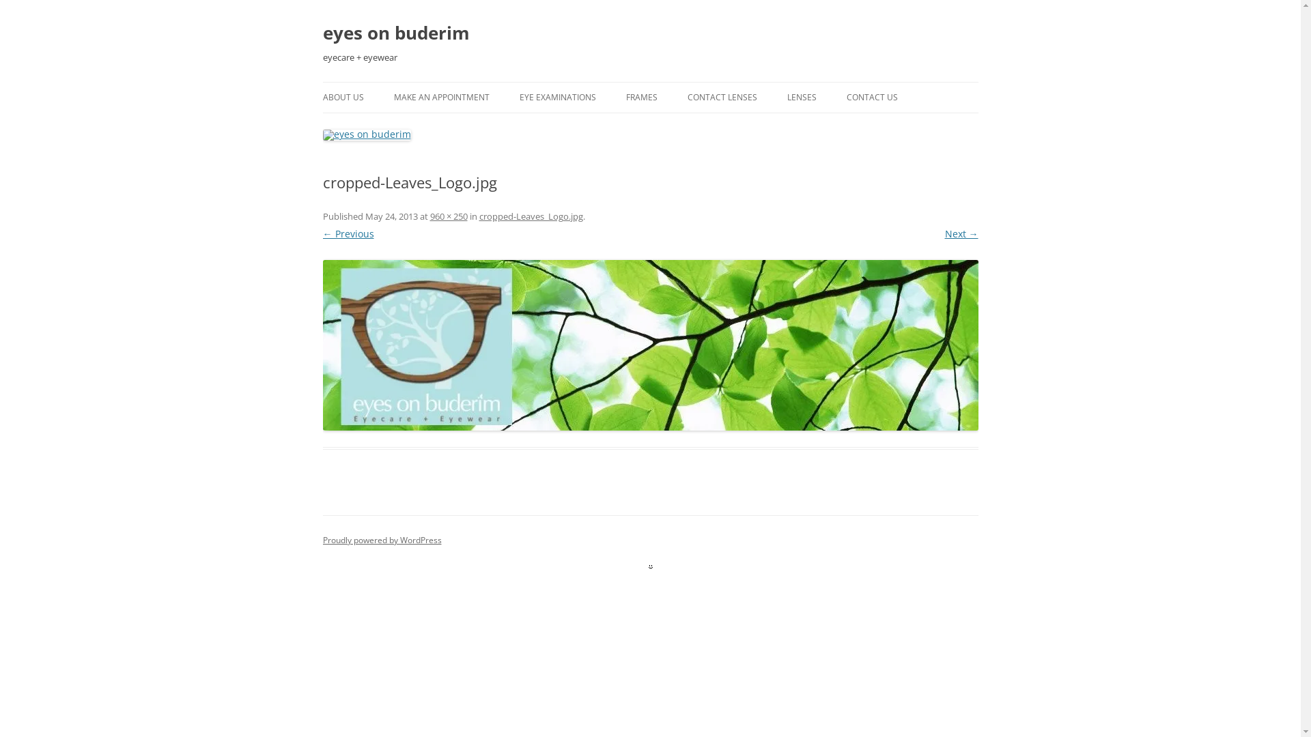 This screenshot has height=737, width=1311. Describe the element at coordinates (720, 96) in the screenshot. I see `'CONTACT LENSES'` at that location.